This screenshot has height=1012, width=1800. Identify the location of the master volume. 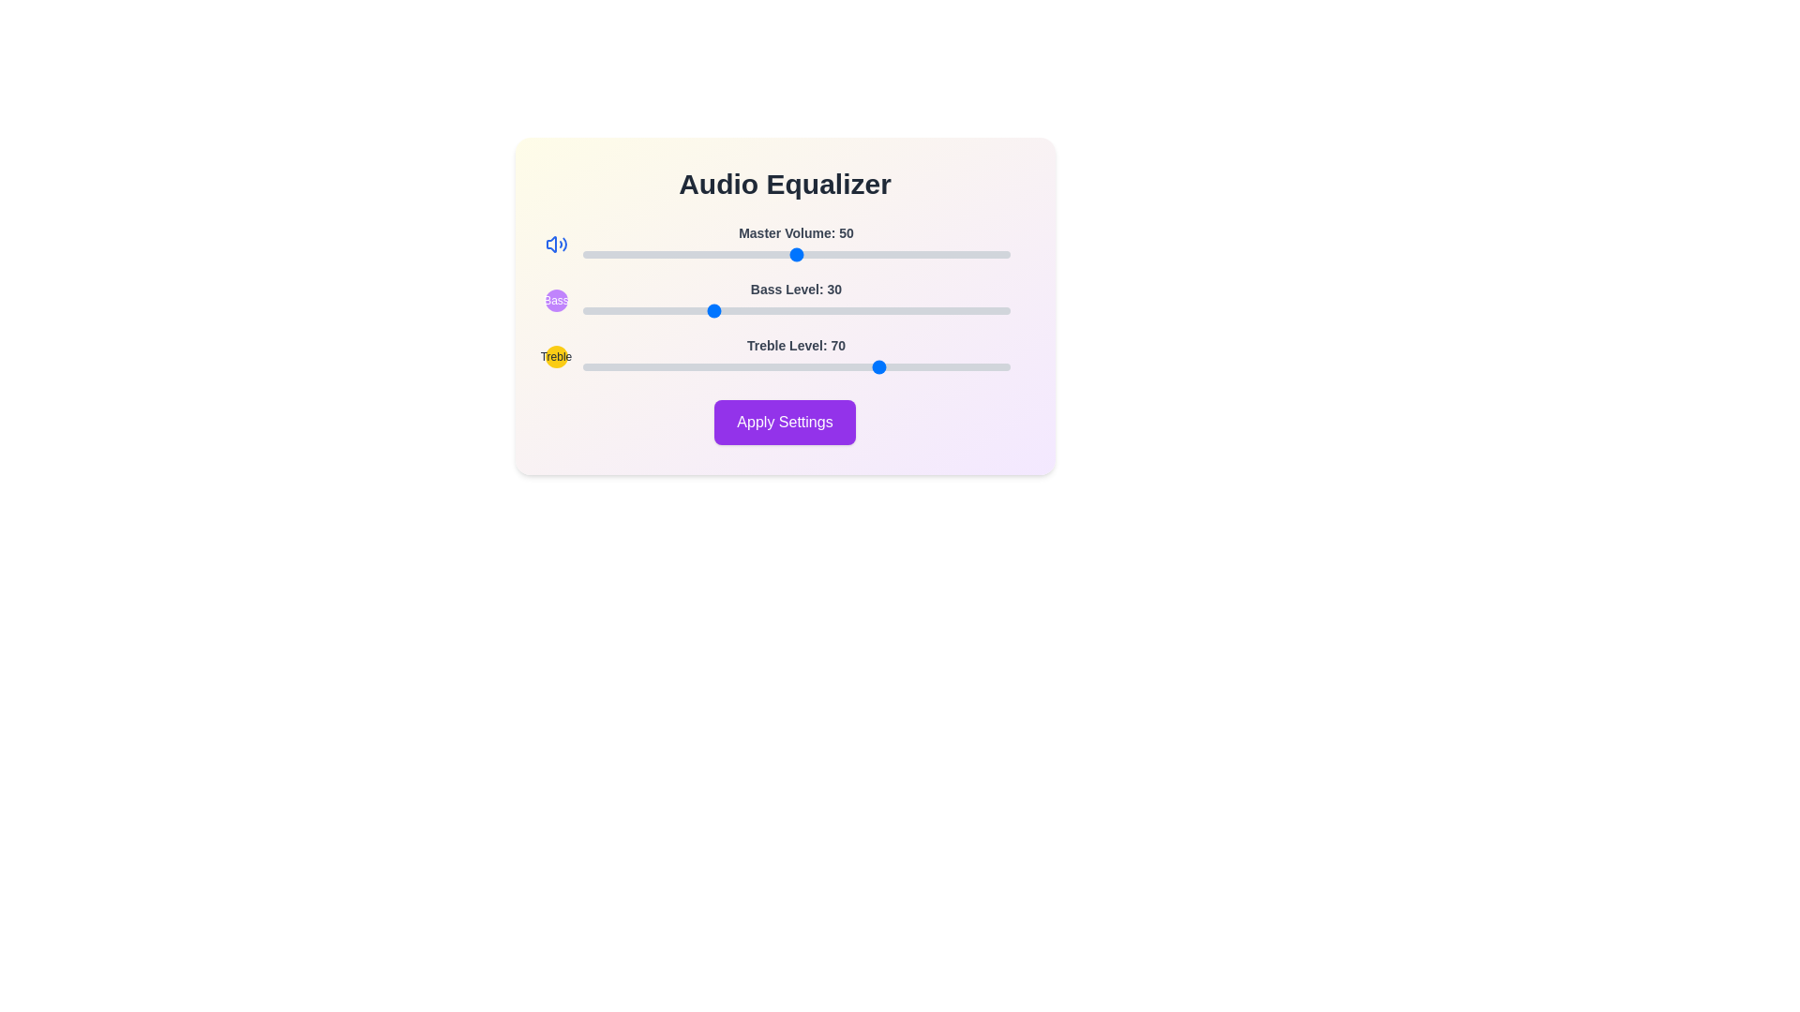
(903, 255).